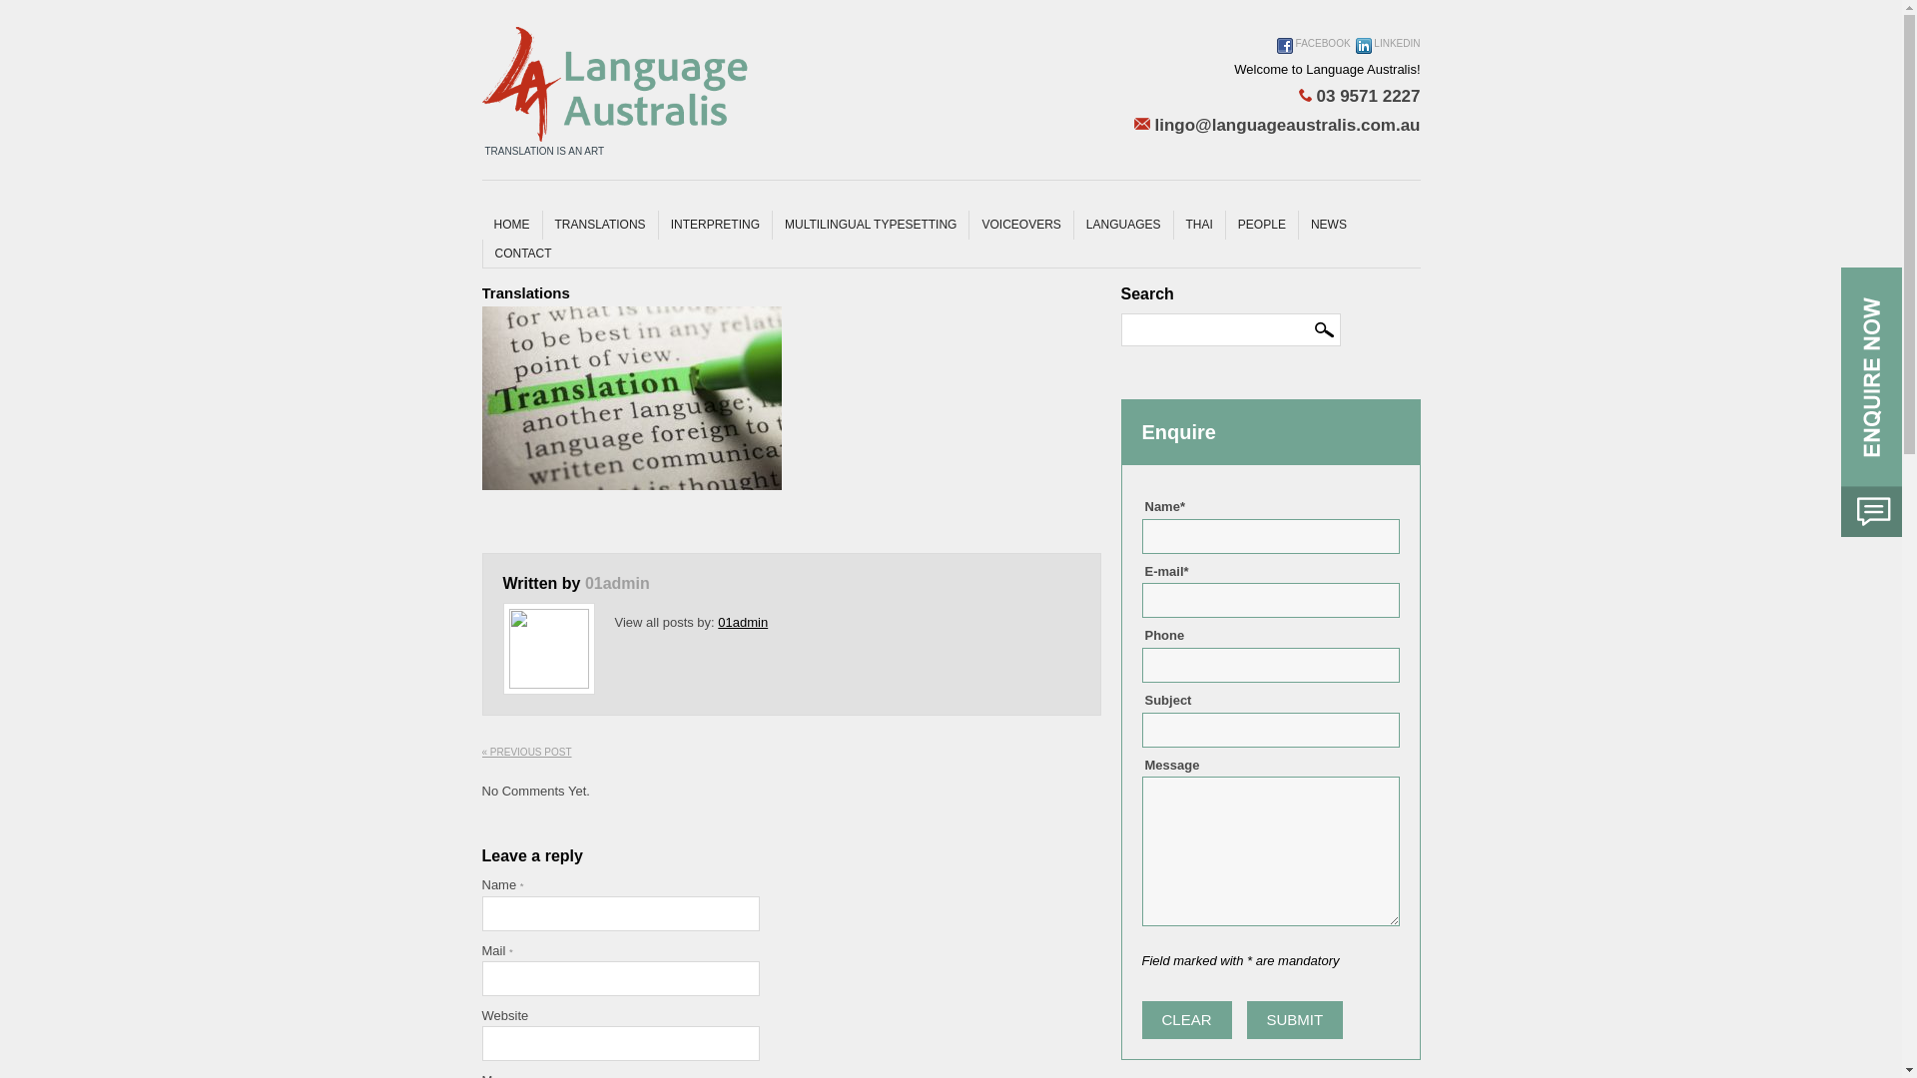 Image resolution: width=1917 pixels, height=1078 pixels. What do you see at coordinates (511, 225) in the screenshot?
I see `'HOME'` at bounding box center [511, 225].